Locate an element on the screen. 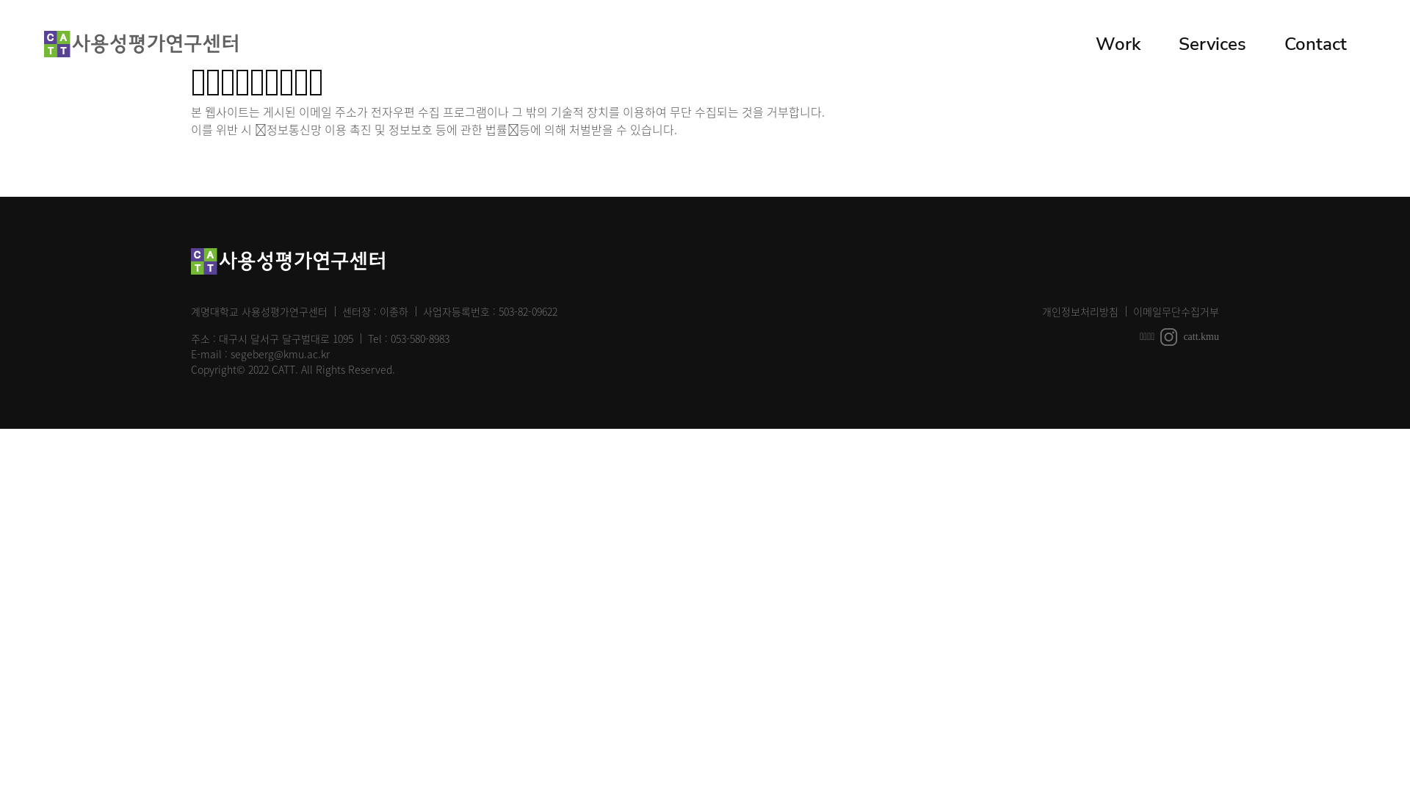 This screenshot has height=793, width=1410. 'Services' is located at coordinates (1159, 43).